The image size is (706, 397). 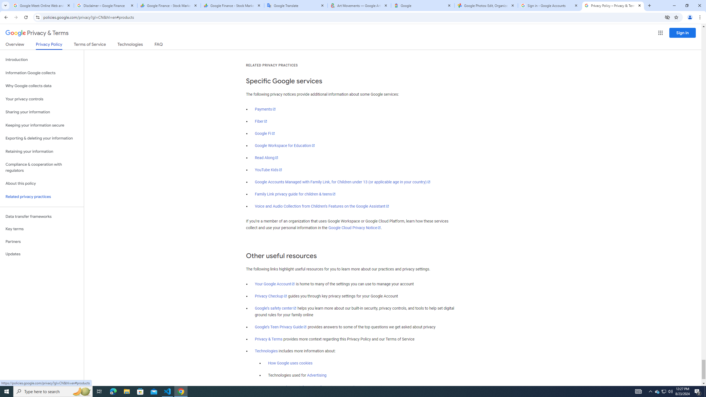 What do you see at coordinates (42, 196) in the screenshot?
I see `'Related privacy practices'` at bounding box center [42, 196].